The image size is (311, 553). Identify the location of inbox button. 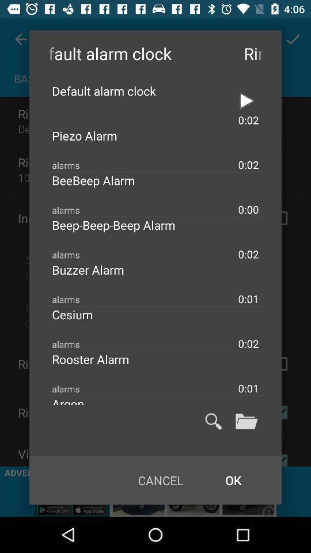
(246, 421).